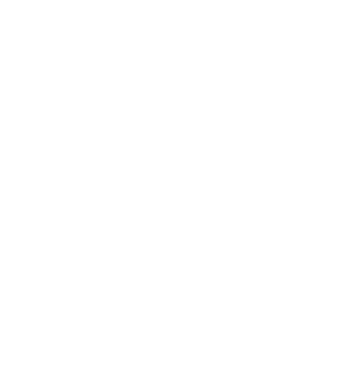 This screenshot has width=350, height=392. Describe the element at coordinates (191, 113) in the screenshot. I see `'Critical Atlassian Bug Exploit Now Available; Immediate Patching Needed'` at that location.